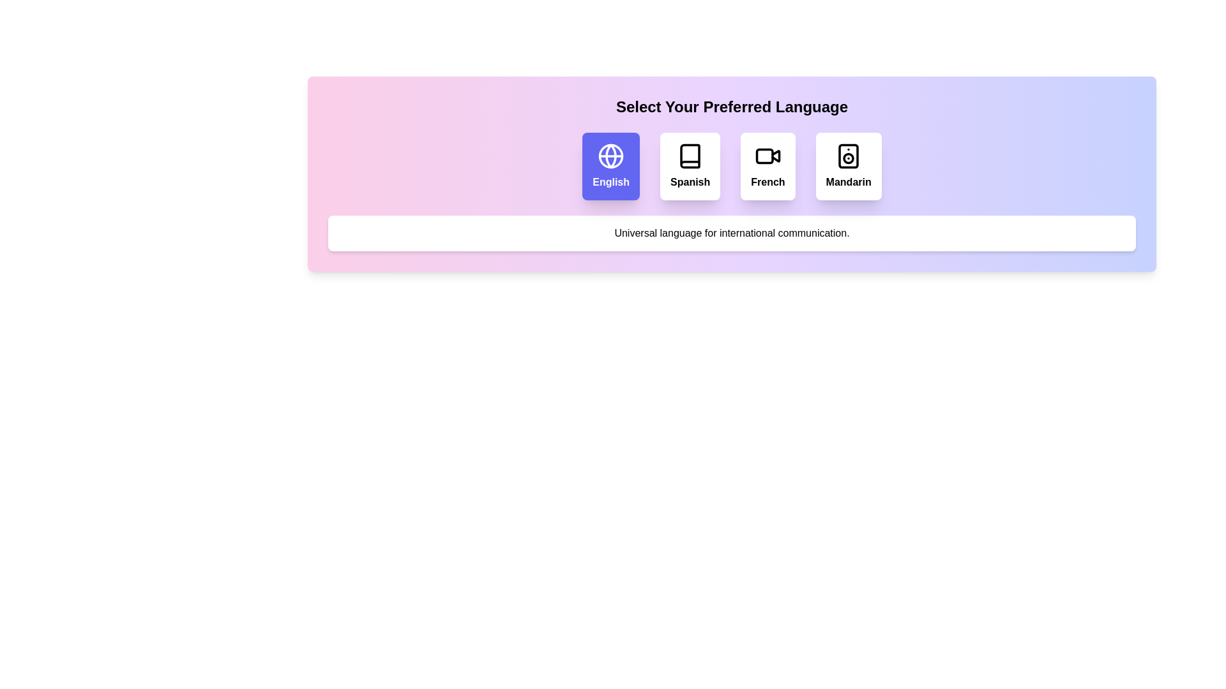 This screenshot has width=1226, height=689. What do you see at coordinates (689, 166) in the screenshot?
I see `the language option Spanish to observe the interaction feedback` at bounding box center [689, 166].